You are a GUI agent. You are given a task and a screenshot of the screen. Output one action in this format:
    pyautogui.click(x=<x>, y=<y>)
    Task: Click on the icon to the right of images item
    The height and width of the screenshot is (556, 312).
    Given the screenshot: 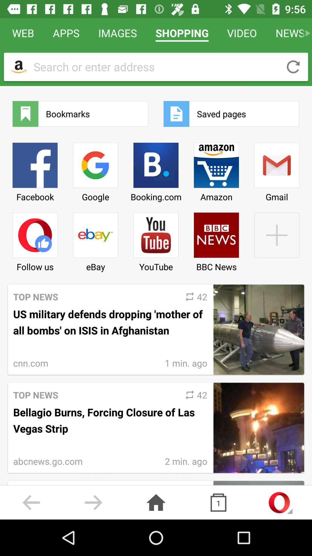 What is the action you would take?
    pyautogui.click(x=182, y=33)
    